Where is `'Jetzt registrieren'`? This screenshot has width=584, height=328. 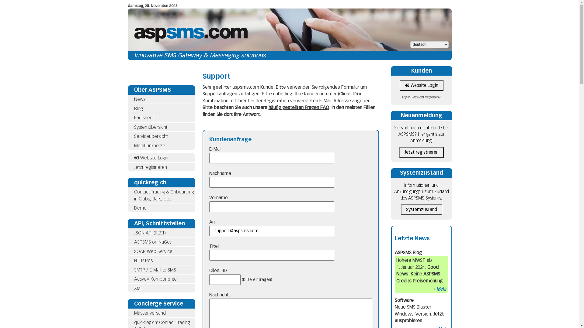 'Jetzt registrieren' is located at coordinates (150, 167).